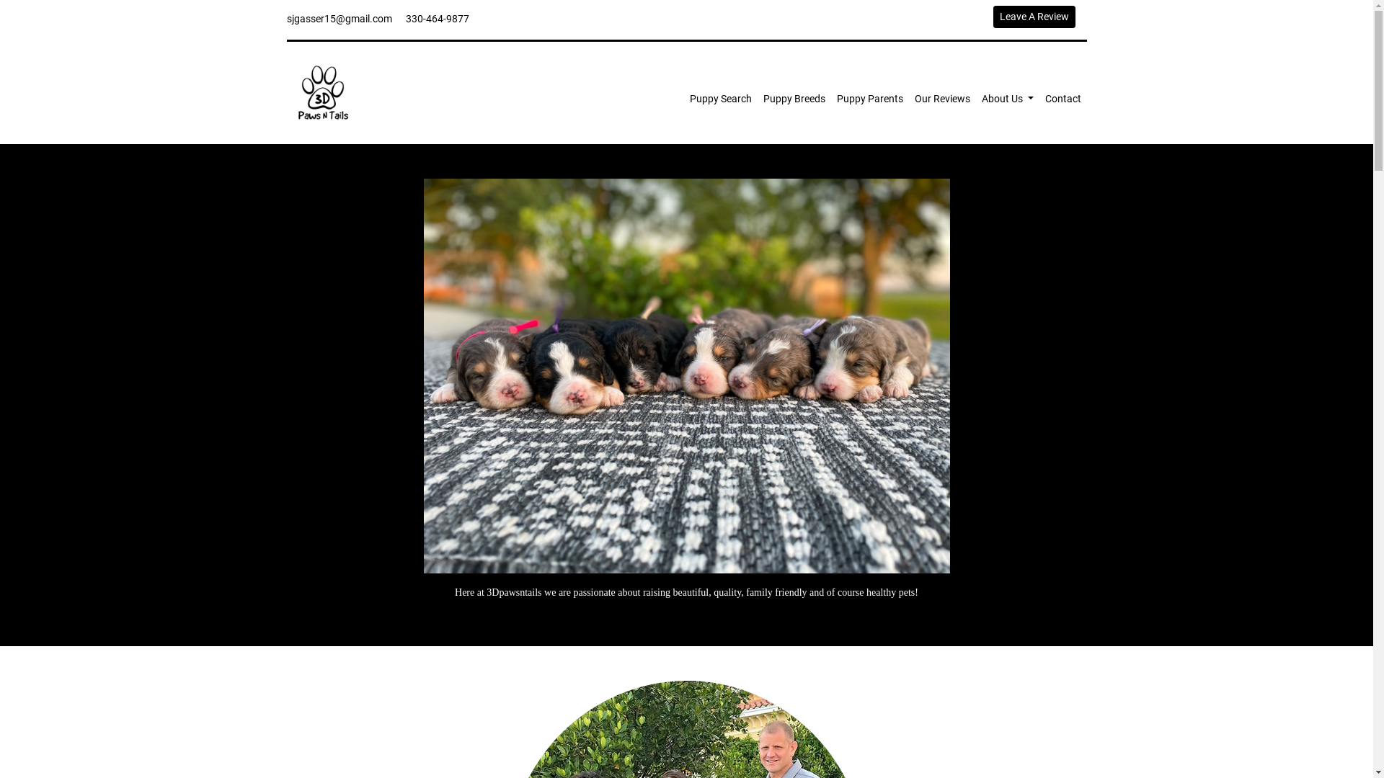 This screenshot has width=1384, height=778. What do you see at coordinates (1034, 17) in the screenshot?
I see `'Leave A Review'` at bounding box center [1034, 17].